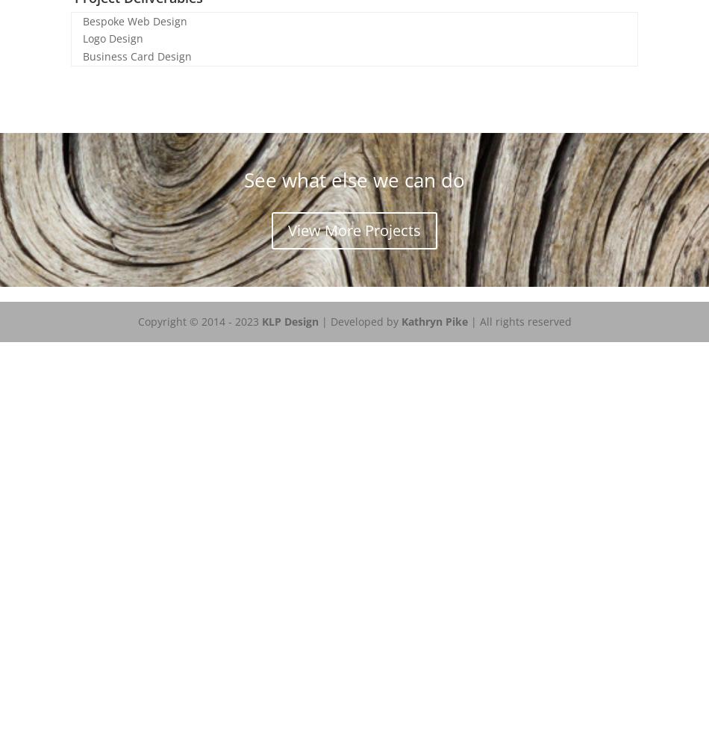 The width and height of the screenshot is (709, 747). What do you see at coordinates (113, 38) in the screenshot?
I see `'Logo Design'` at bounding box center [113, 38].